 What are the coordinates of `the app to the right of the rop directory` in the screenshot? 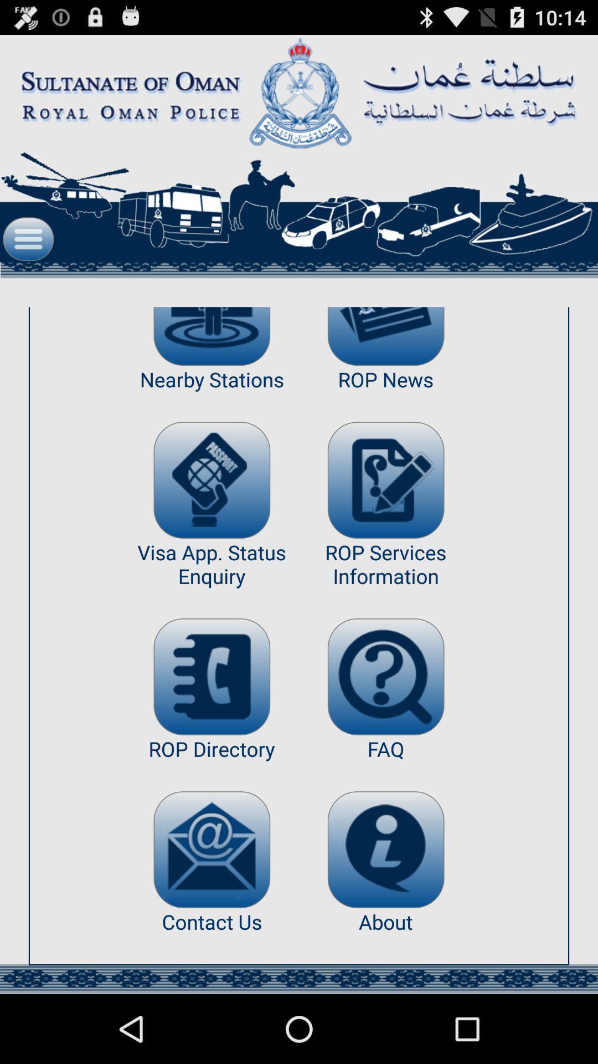 It's located at (385, 849).